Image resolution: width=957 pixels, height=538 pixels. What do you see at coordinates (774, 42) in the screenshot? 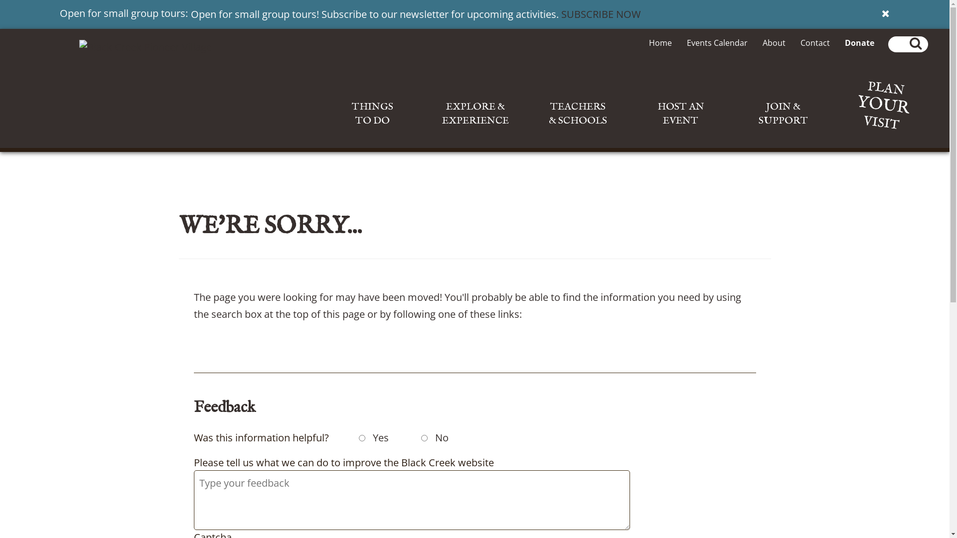
I see `'About'` at bounding box center [774, 42].